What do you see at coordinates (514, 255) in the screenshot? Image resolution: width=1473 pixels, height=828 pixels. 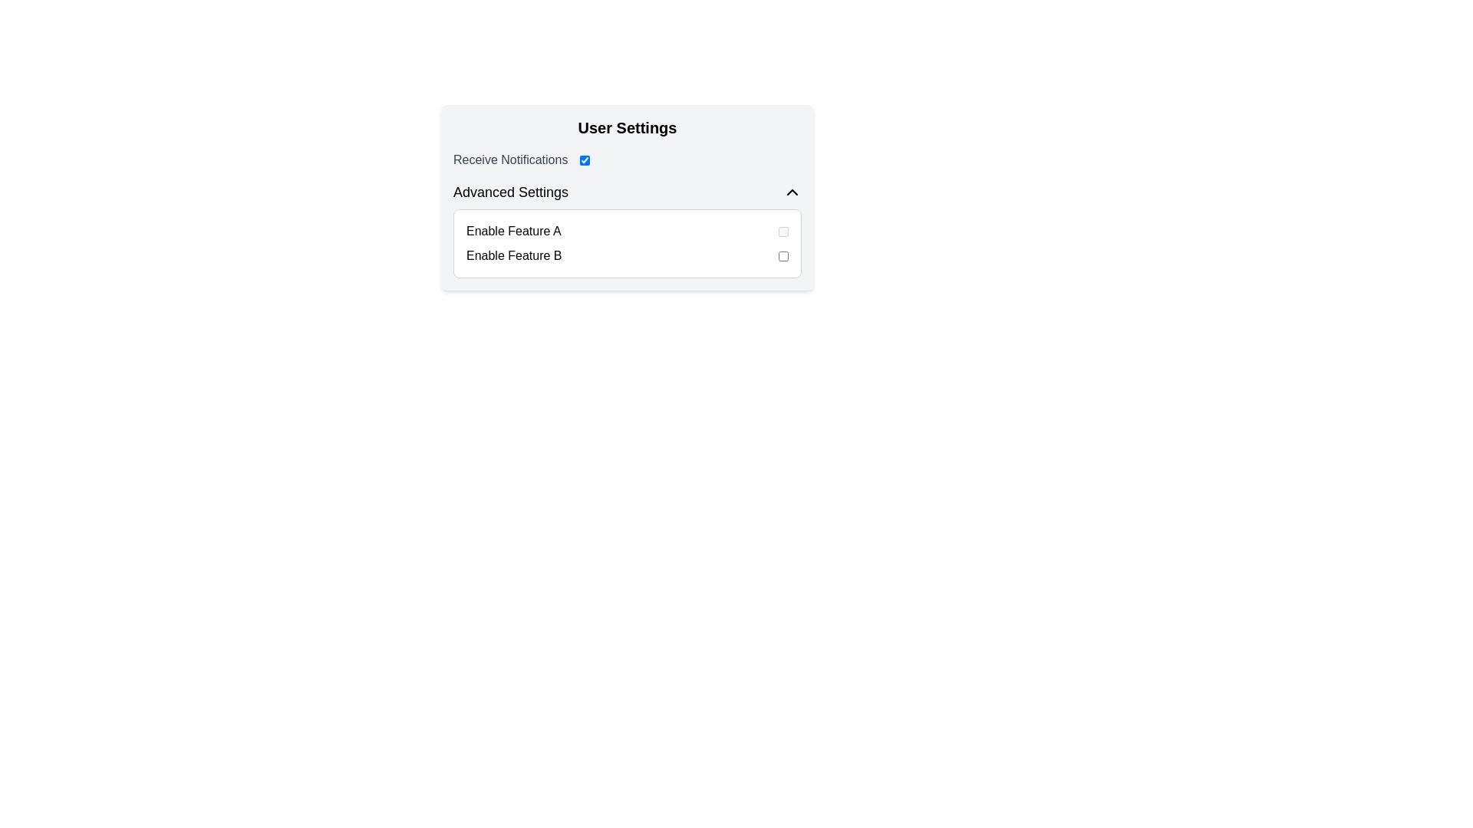 I see `text label that displays 'Enable Feature B', located beneath 'Enable Feature A' in the 'Advanced Settings' section of the User Settings interface` at bounding box center [514, 255].